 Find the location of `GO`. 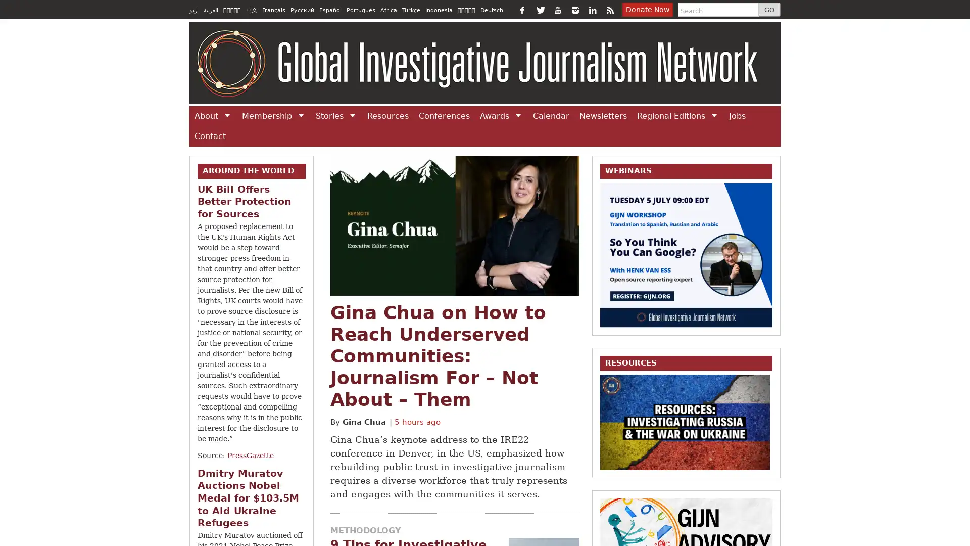

GO is located at coordinates (765, 10).